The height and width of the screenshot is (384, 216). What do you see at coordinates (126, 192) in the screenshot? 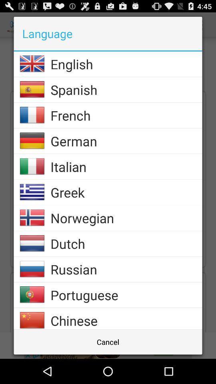
I see `the greek` at bounding box center [126, 192].